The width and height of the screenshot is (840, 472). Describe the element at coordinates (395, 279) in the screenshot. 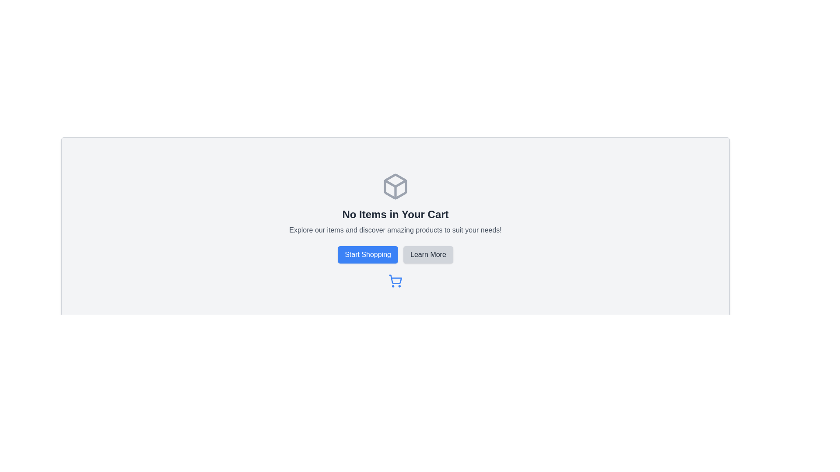

I see `the decorative part of the shopping cart icon, which is located in the center section of the icon and visually resembles a shopping cart frame with blue strokes` at that location.